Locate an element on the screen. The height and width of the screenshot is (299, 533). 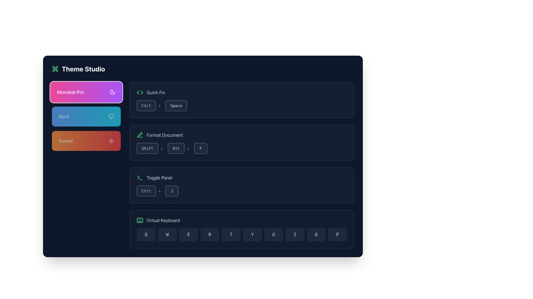
the text label that identifies the current theme's name, located within the theming options group panel at the top-left of the interface, horizontally centered and to the left of a moon icon is located at coordinates (70, 92).